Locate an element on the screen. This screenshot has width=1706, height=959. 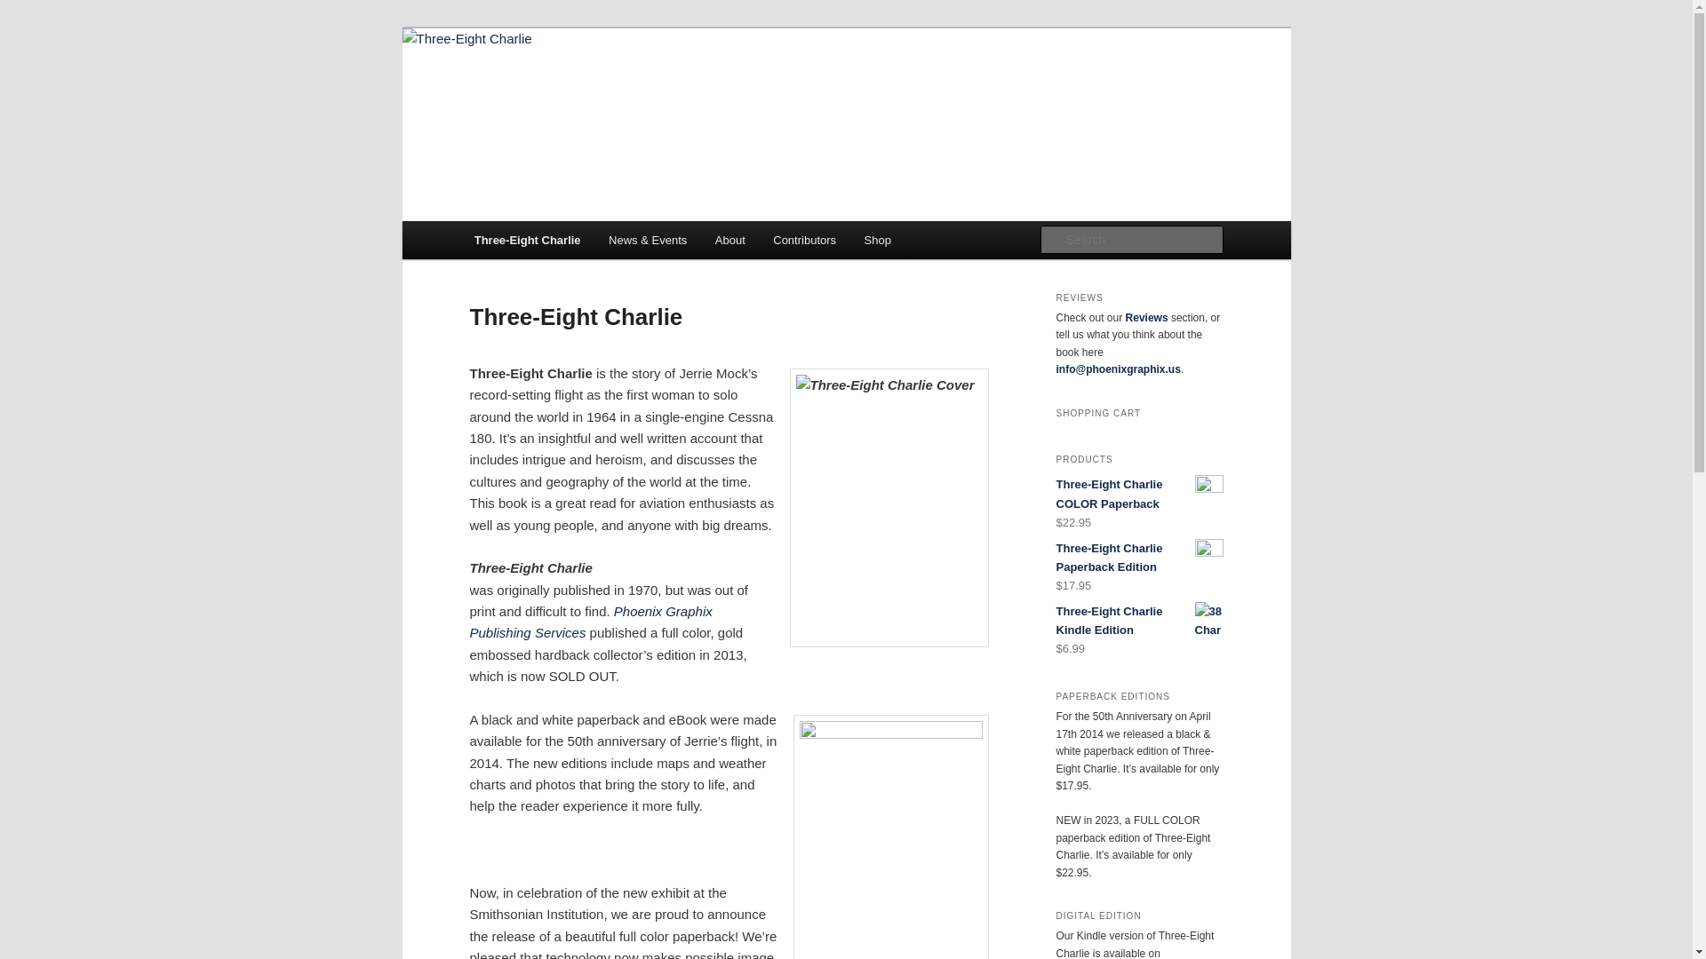
'Search' is located at coordinates (28, 10).